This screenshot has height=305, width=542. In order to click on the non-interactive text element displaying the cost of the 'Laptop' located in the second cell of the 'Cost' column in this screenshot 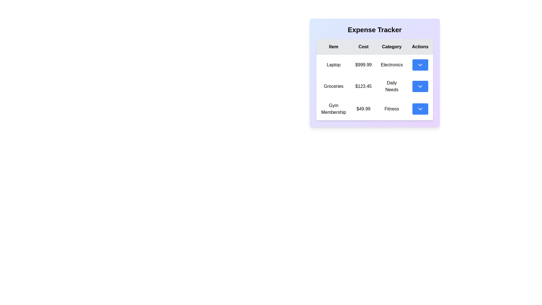, I will do `click(363, 65)`.